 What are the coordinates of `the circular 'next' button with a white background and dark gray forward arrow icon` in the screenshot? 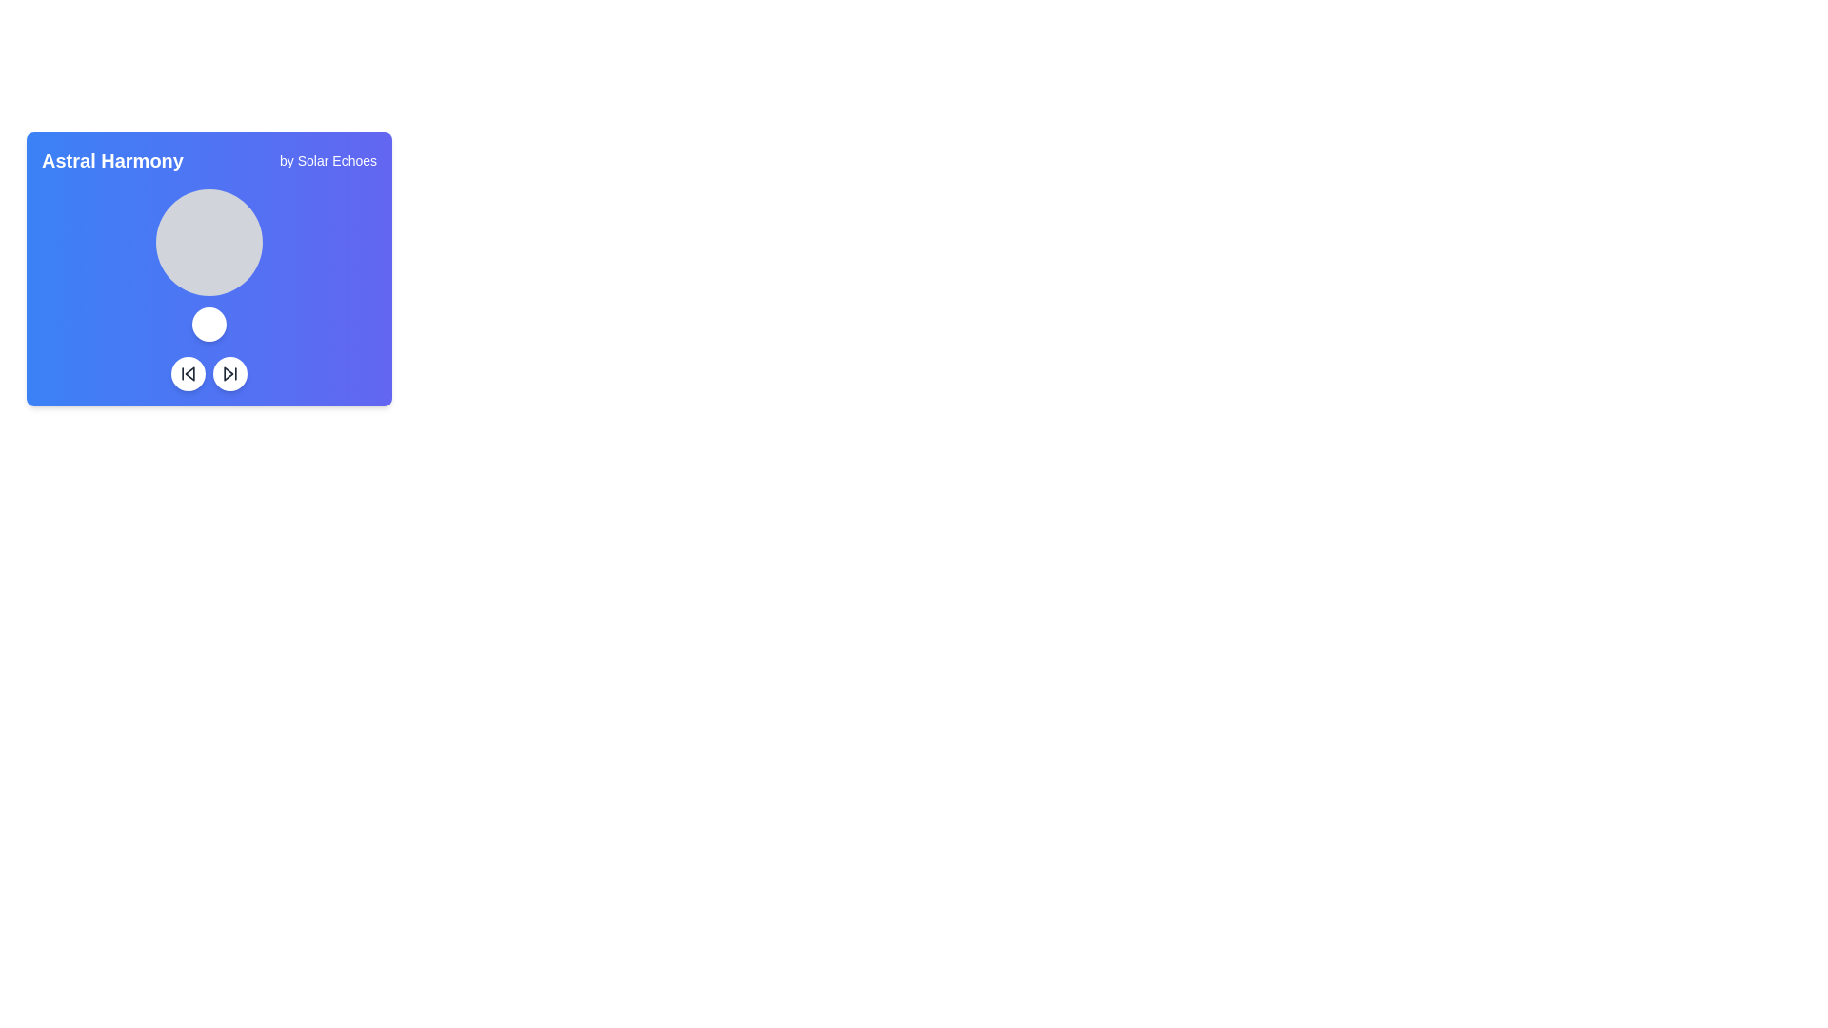 It's located at (228, 374).